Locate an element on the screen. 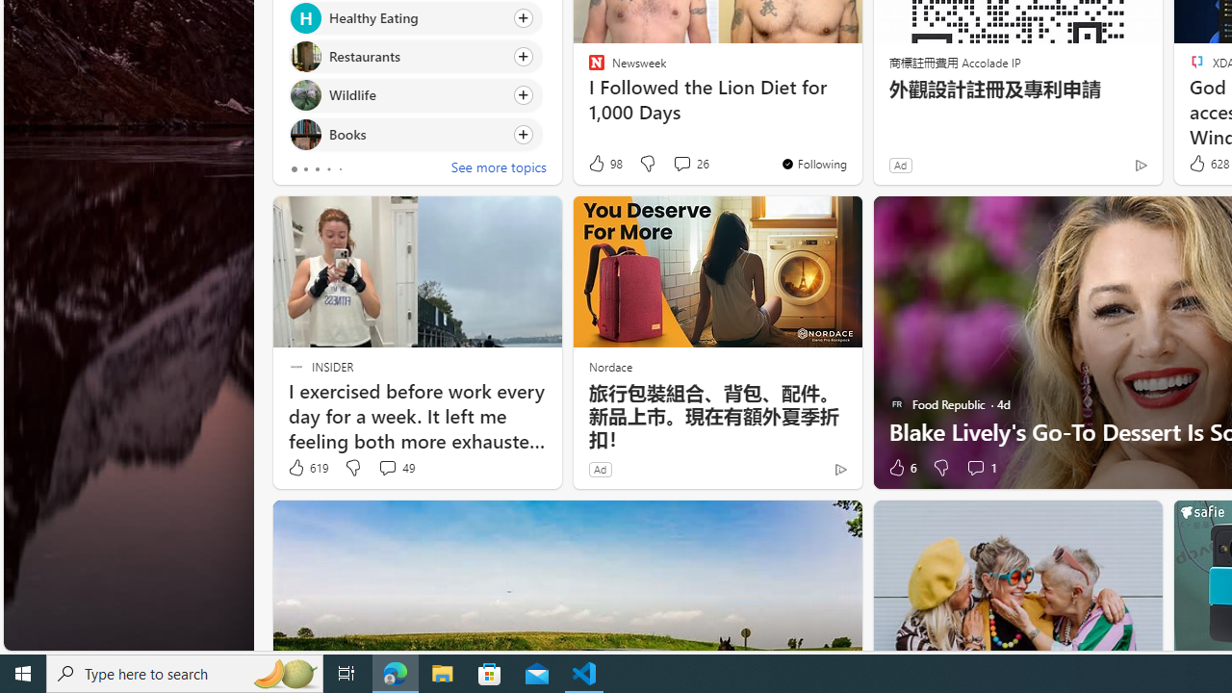 The width and height of the screenshot is (1232, 693). 'tab-4' is located at coordinates (340, 168).